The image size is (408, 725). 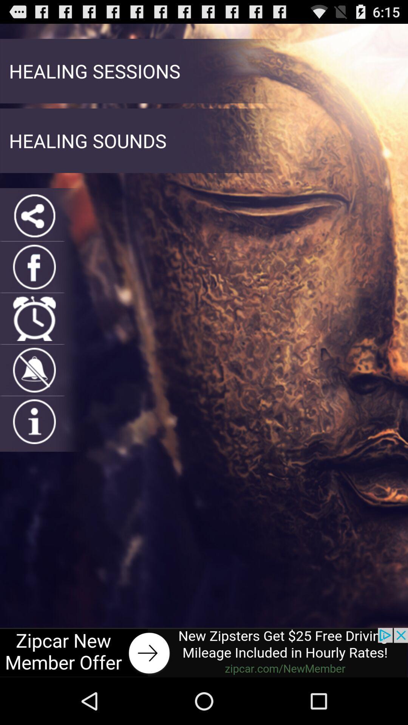 What do you see at coordinates (34, 370) in the screenshot?
I see `self healing is our humble effort to bring spiritual physical and mental` at bounding box center [34, 370].